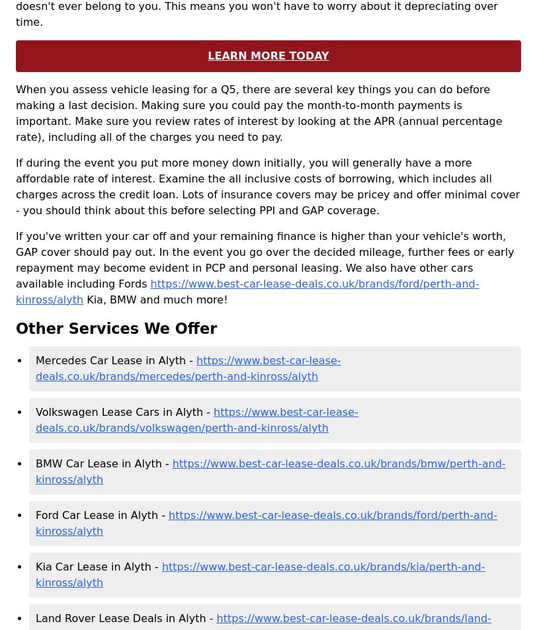  What do you see at coordinates (188, 368) in the screenshot?
I see `'https://www.best-car-lease-deals.co.uk/brands/mercedes/perth-and-kinross/alyth'` at bounding box center [188, 368].